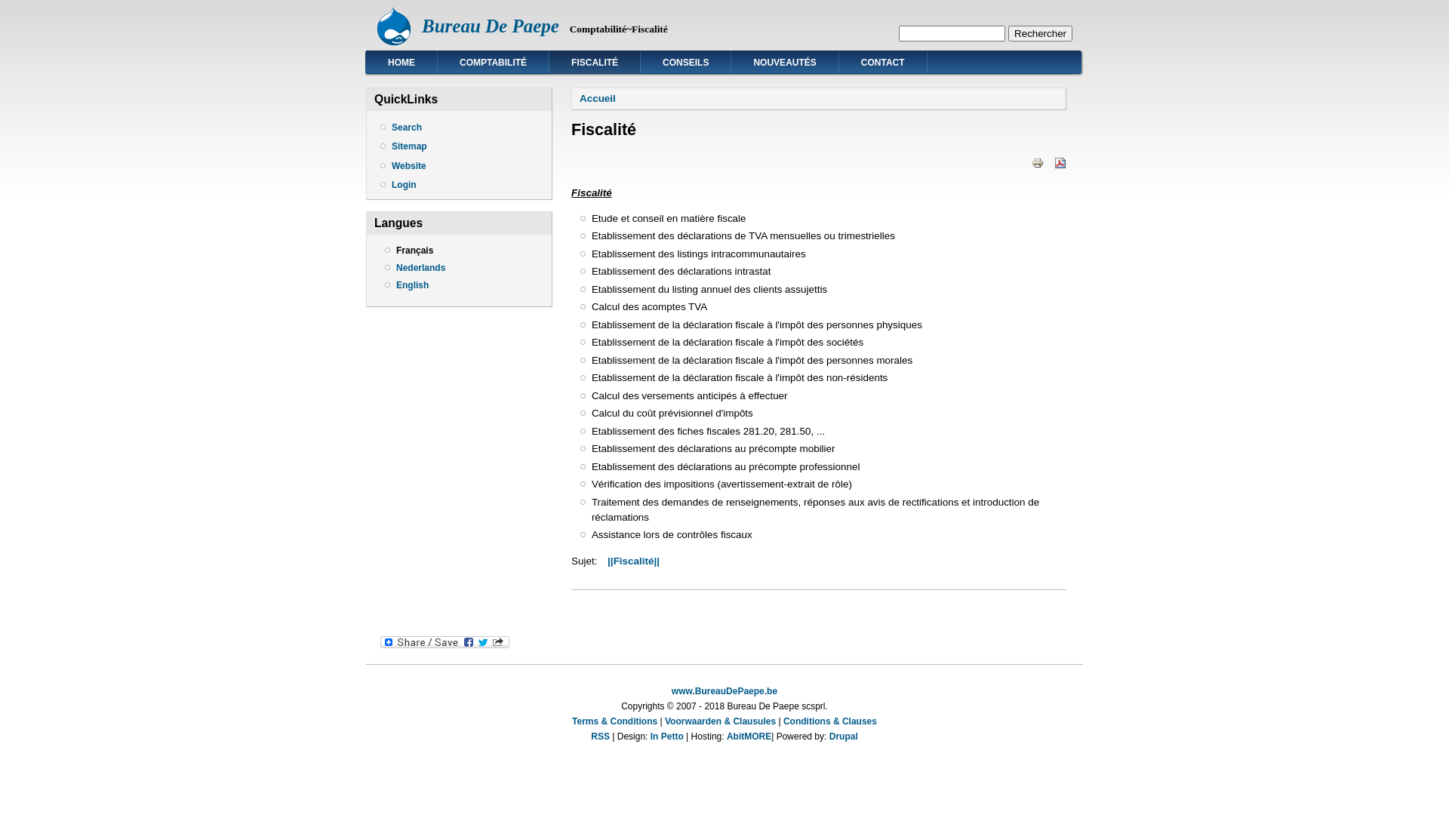 Image resolution: width=1449 pixels, height=815 pixels. I want to click on 'English', so click(412, 285).